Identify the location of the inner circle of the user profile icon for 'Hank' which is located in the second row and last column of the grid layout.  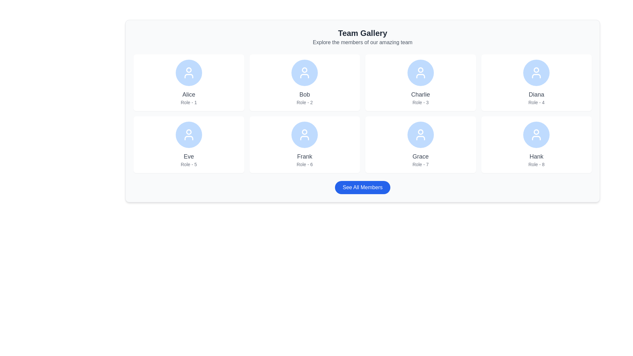
(536, 132).